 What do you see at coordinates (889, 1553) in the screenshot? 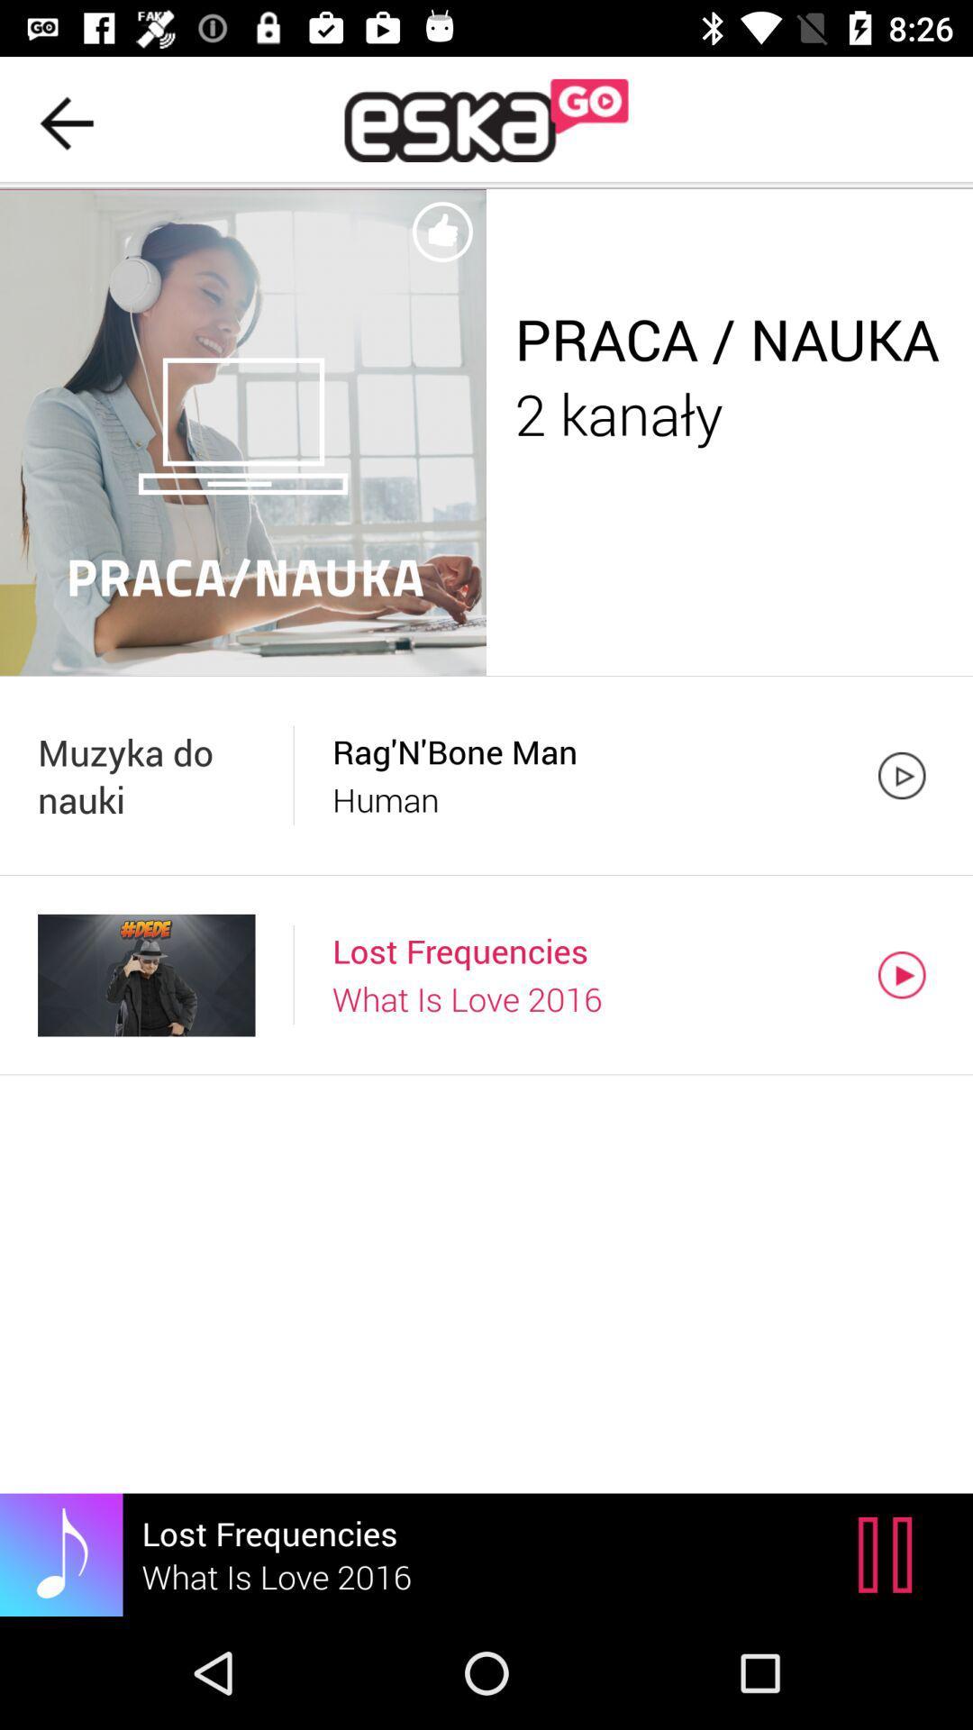
I see `item below what is love item` at bounding box center [889, 1553].